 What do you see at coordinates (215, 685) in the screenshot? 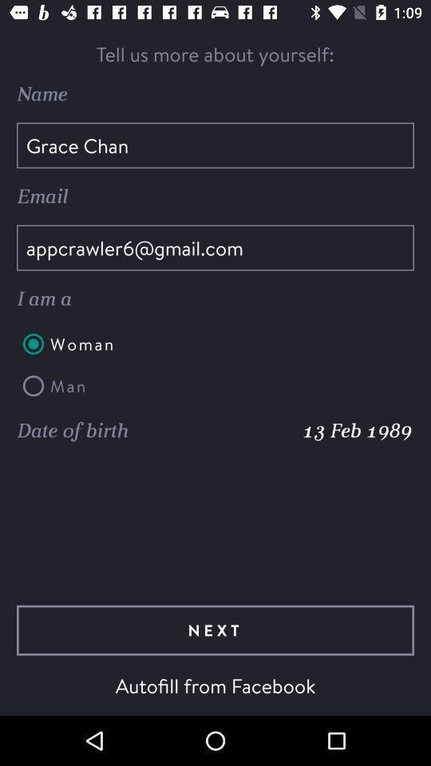
I see `autofill from facebook item` at bounding box center [215, 685].